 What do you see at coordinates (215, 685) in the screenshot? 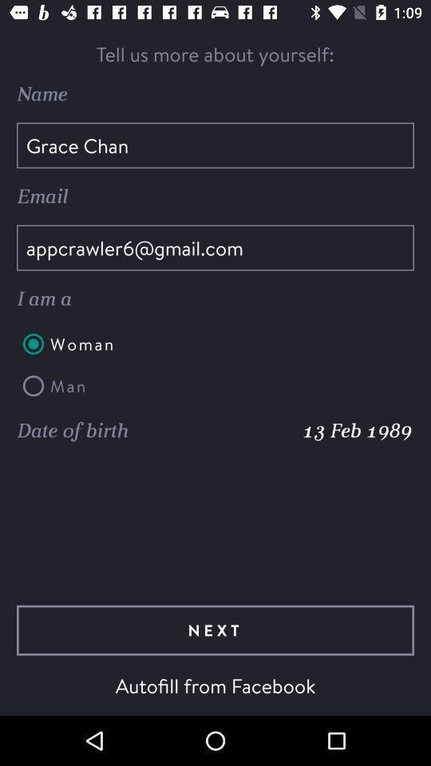
I see `autofill from facebook item` at bounding box center [215, 685].